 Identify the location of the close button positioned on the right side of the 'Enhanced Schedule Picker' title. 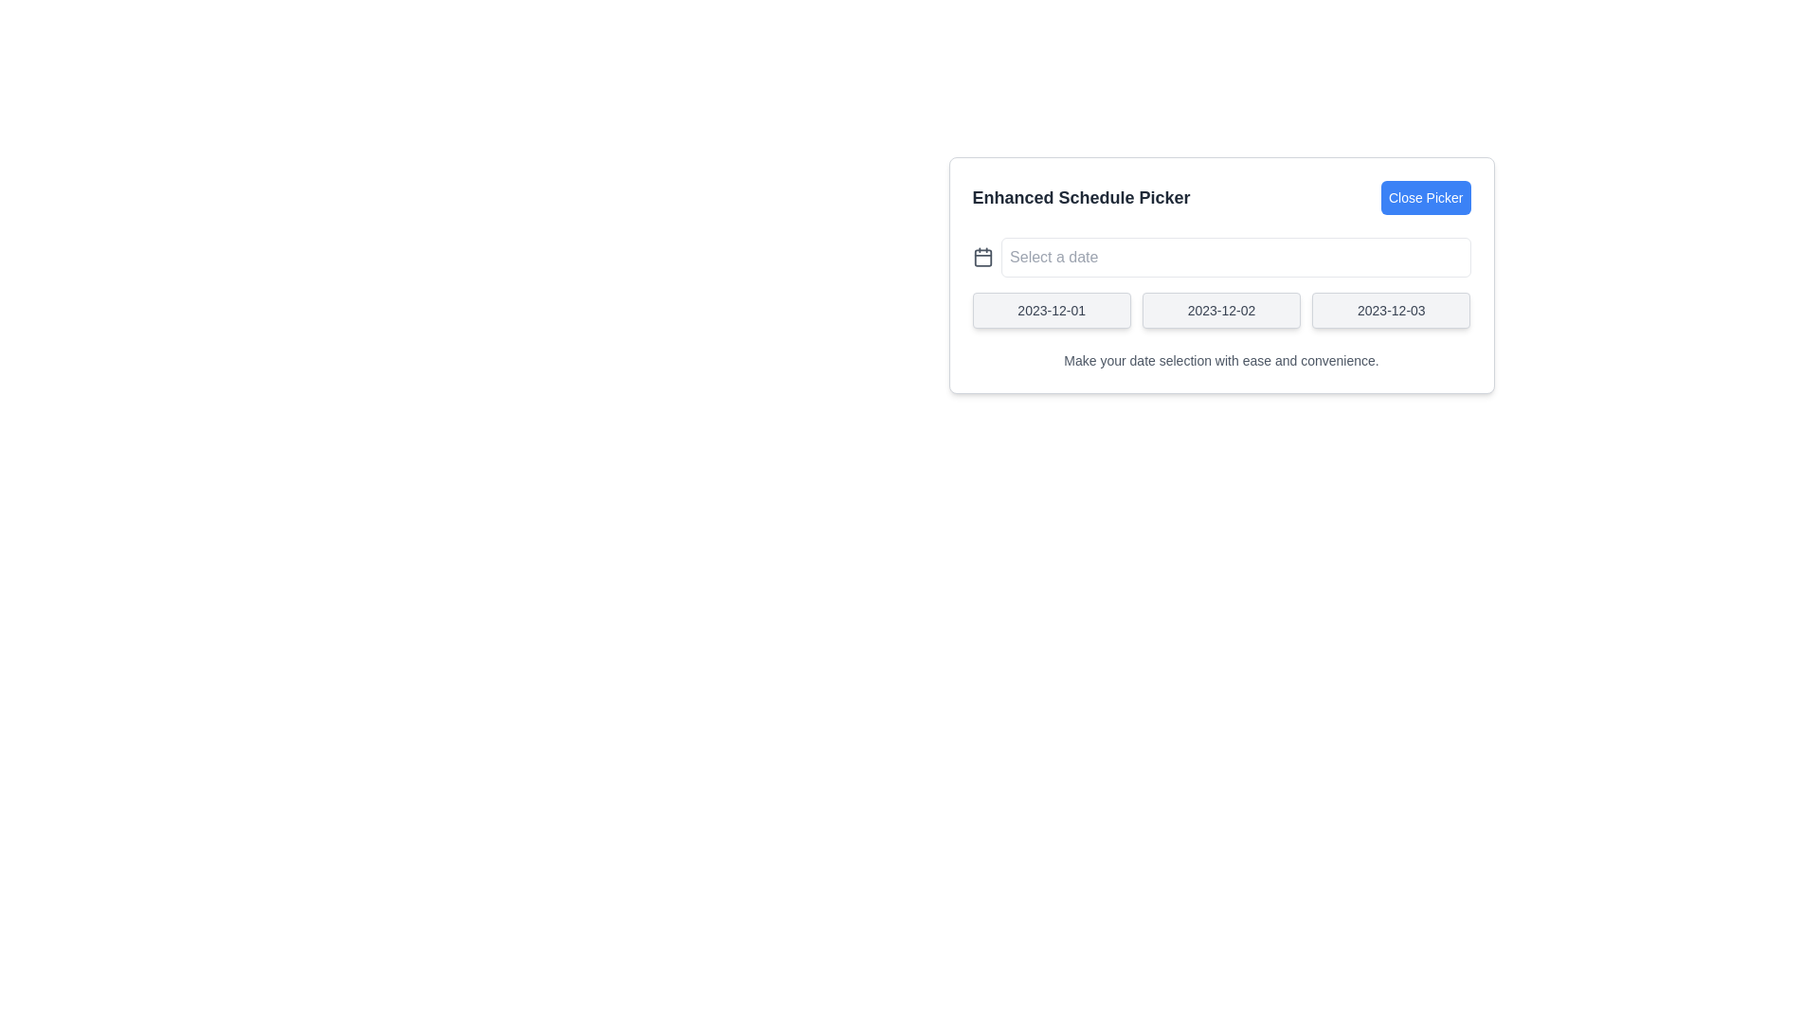
(1426, 197).